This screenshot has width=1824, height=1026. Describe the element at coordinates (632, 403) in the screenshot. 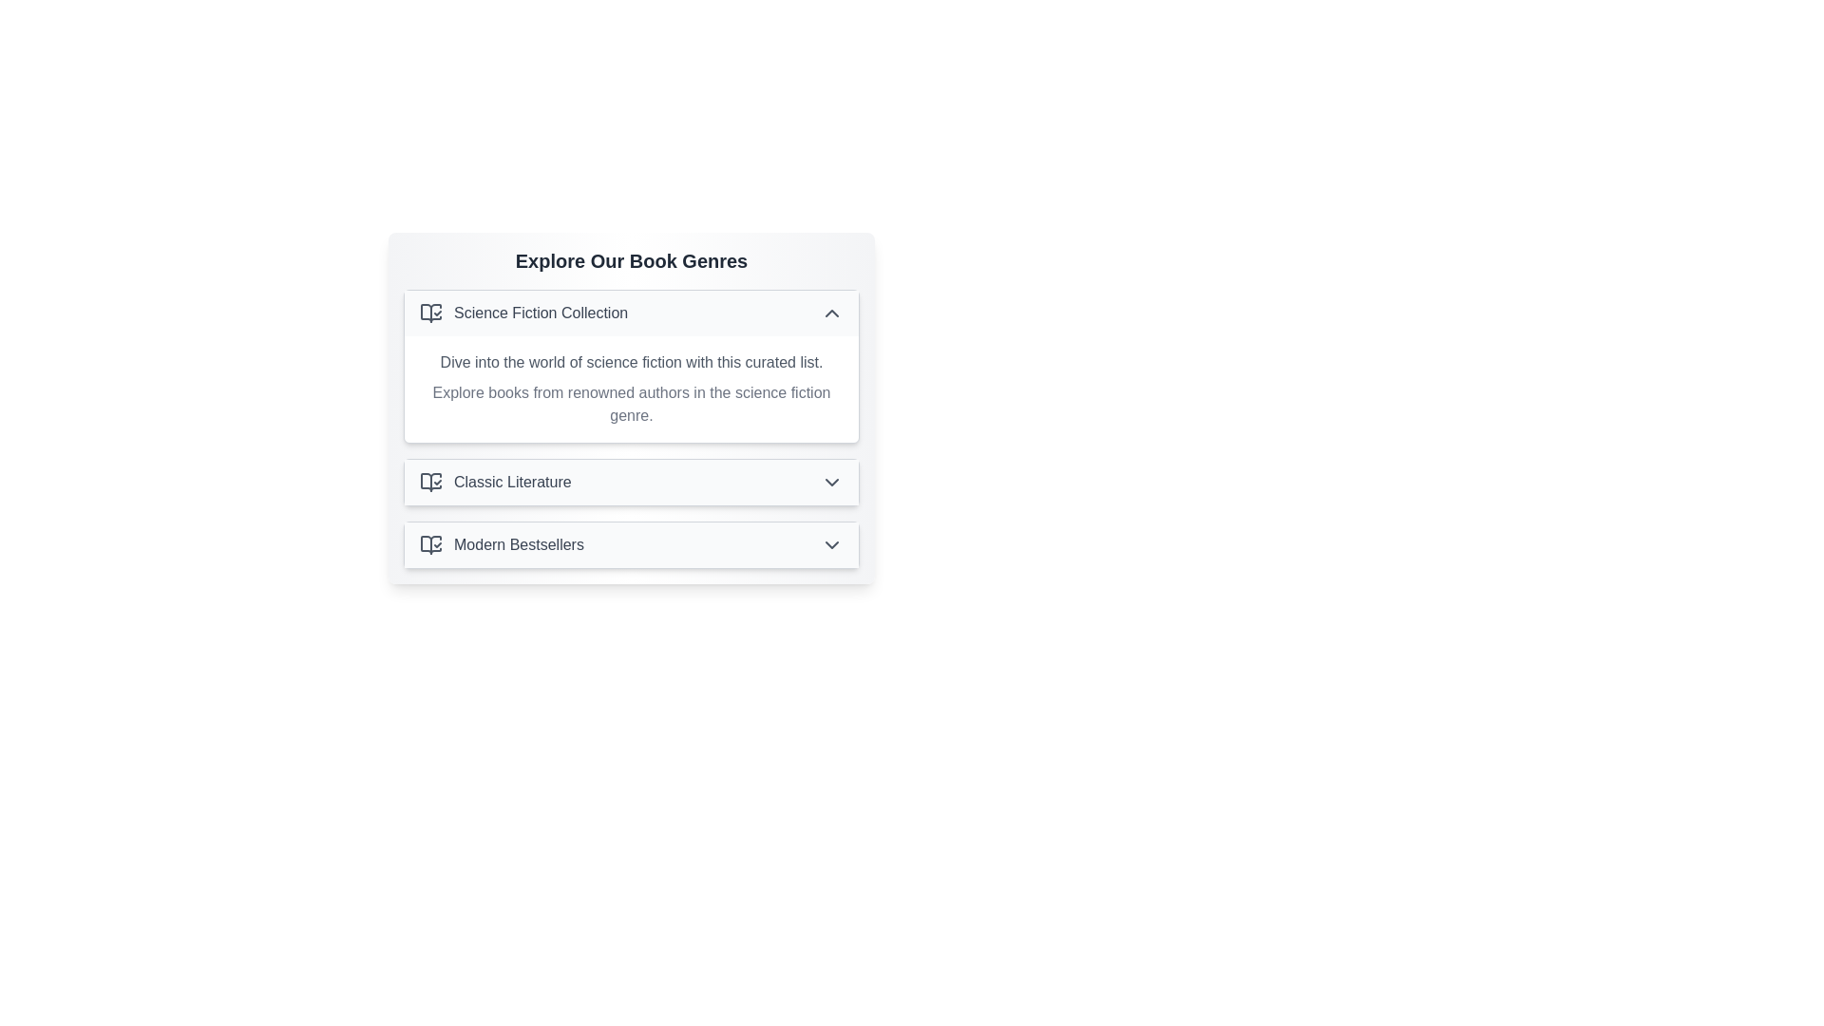

I see `the static text element that provides additional context about the Science Fiction Collection, located beneath the descriptive text 'Dive into the world of science fiction with this curated list.'` at that location.